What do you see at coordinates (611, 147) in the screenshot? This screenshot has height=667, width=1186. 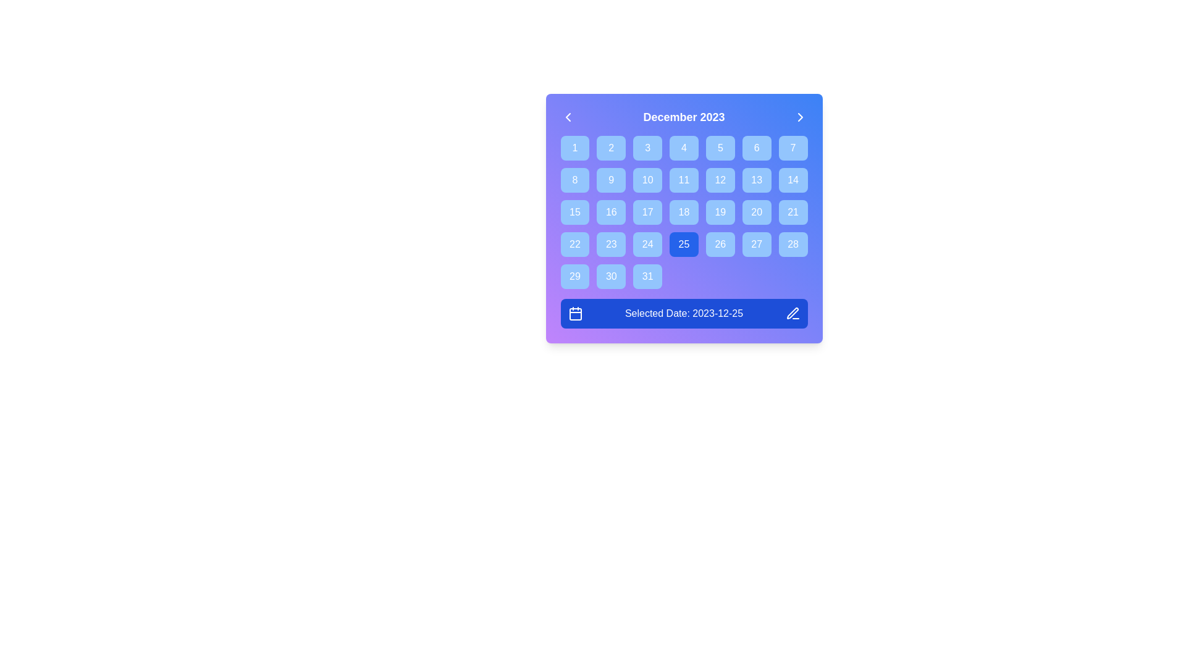 I see `the button displaying the number '2' in white text with a soft blue background to observe the scaling effect` at bounding box center [611, 147].